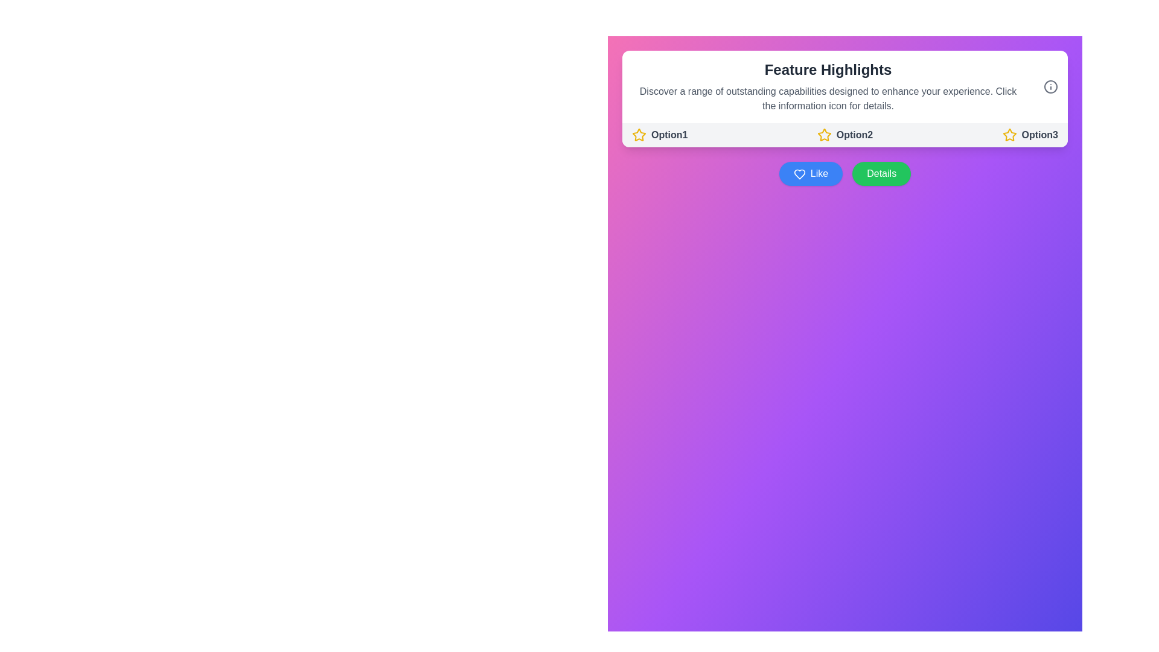  I want to click on the 'Like' button, which is a rectangular button with a blue background and white text, featuring a heart icon on the left, located to the left of the 'Details' button in the 'Feature Highlights' section, so click(811, 174).